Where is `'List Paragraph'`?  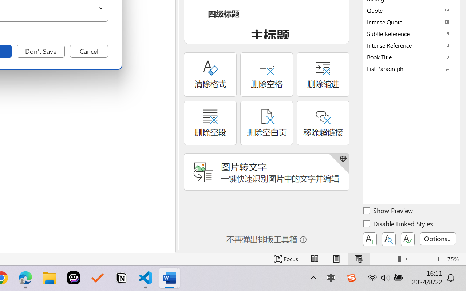
'List Paragraph' is located at coordinates (411, 68).